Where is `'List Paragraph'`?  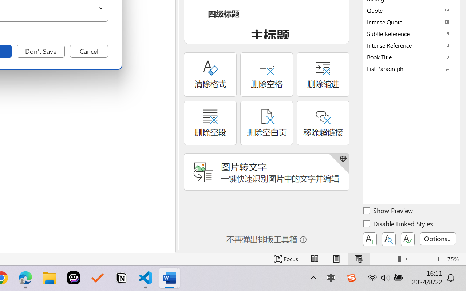
'List Paragraph' is located at coordinates (411, 68).